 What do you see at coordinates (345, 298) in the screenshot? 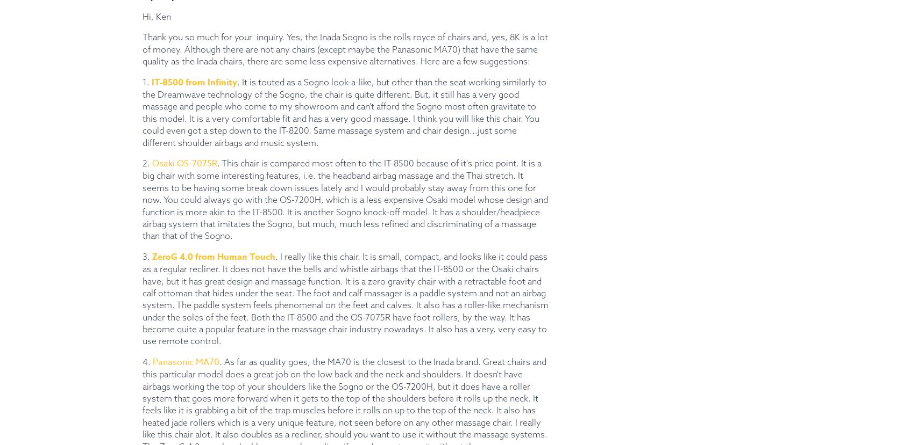
I see `'. I really like this chair. It is small, compact, and looks like it could pass as a regular recliner. It does not have the bells and whistle airbags that the IT-8500 or the Osaki chairs have, but it has great design and massage function. It is a zero gravity chair with a retractable foot and calf ottoman that hides under the seat. The foot and calf massager is a paddle system and not an airbag system. The paddle system feels phenomenal on the feet and calves. It also has a roller-like mechanism under the soles of the feet. Both the IT-8500 and the OS-7075R have foot rollers, by the way. It has become quite a popular feature in the massage chair industry nowadays. It also has a very, very easy to use remote control.'` at bounding box center [345, 298].